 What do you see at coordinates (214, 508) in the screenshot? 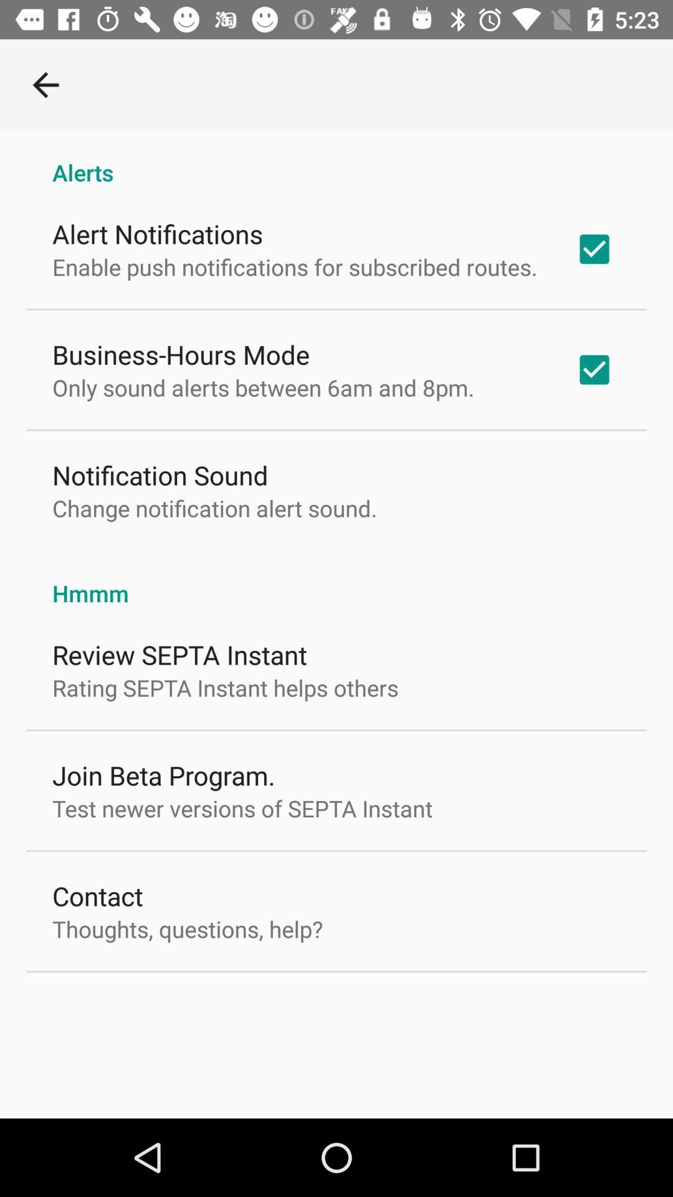
I see `the item above hmmm` at bounding box center [214, 508].